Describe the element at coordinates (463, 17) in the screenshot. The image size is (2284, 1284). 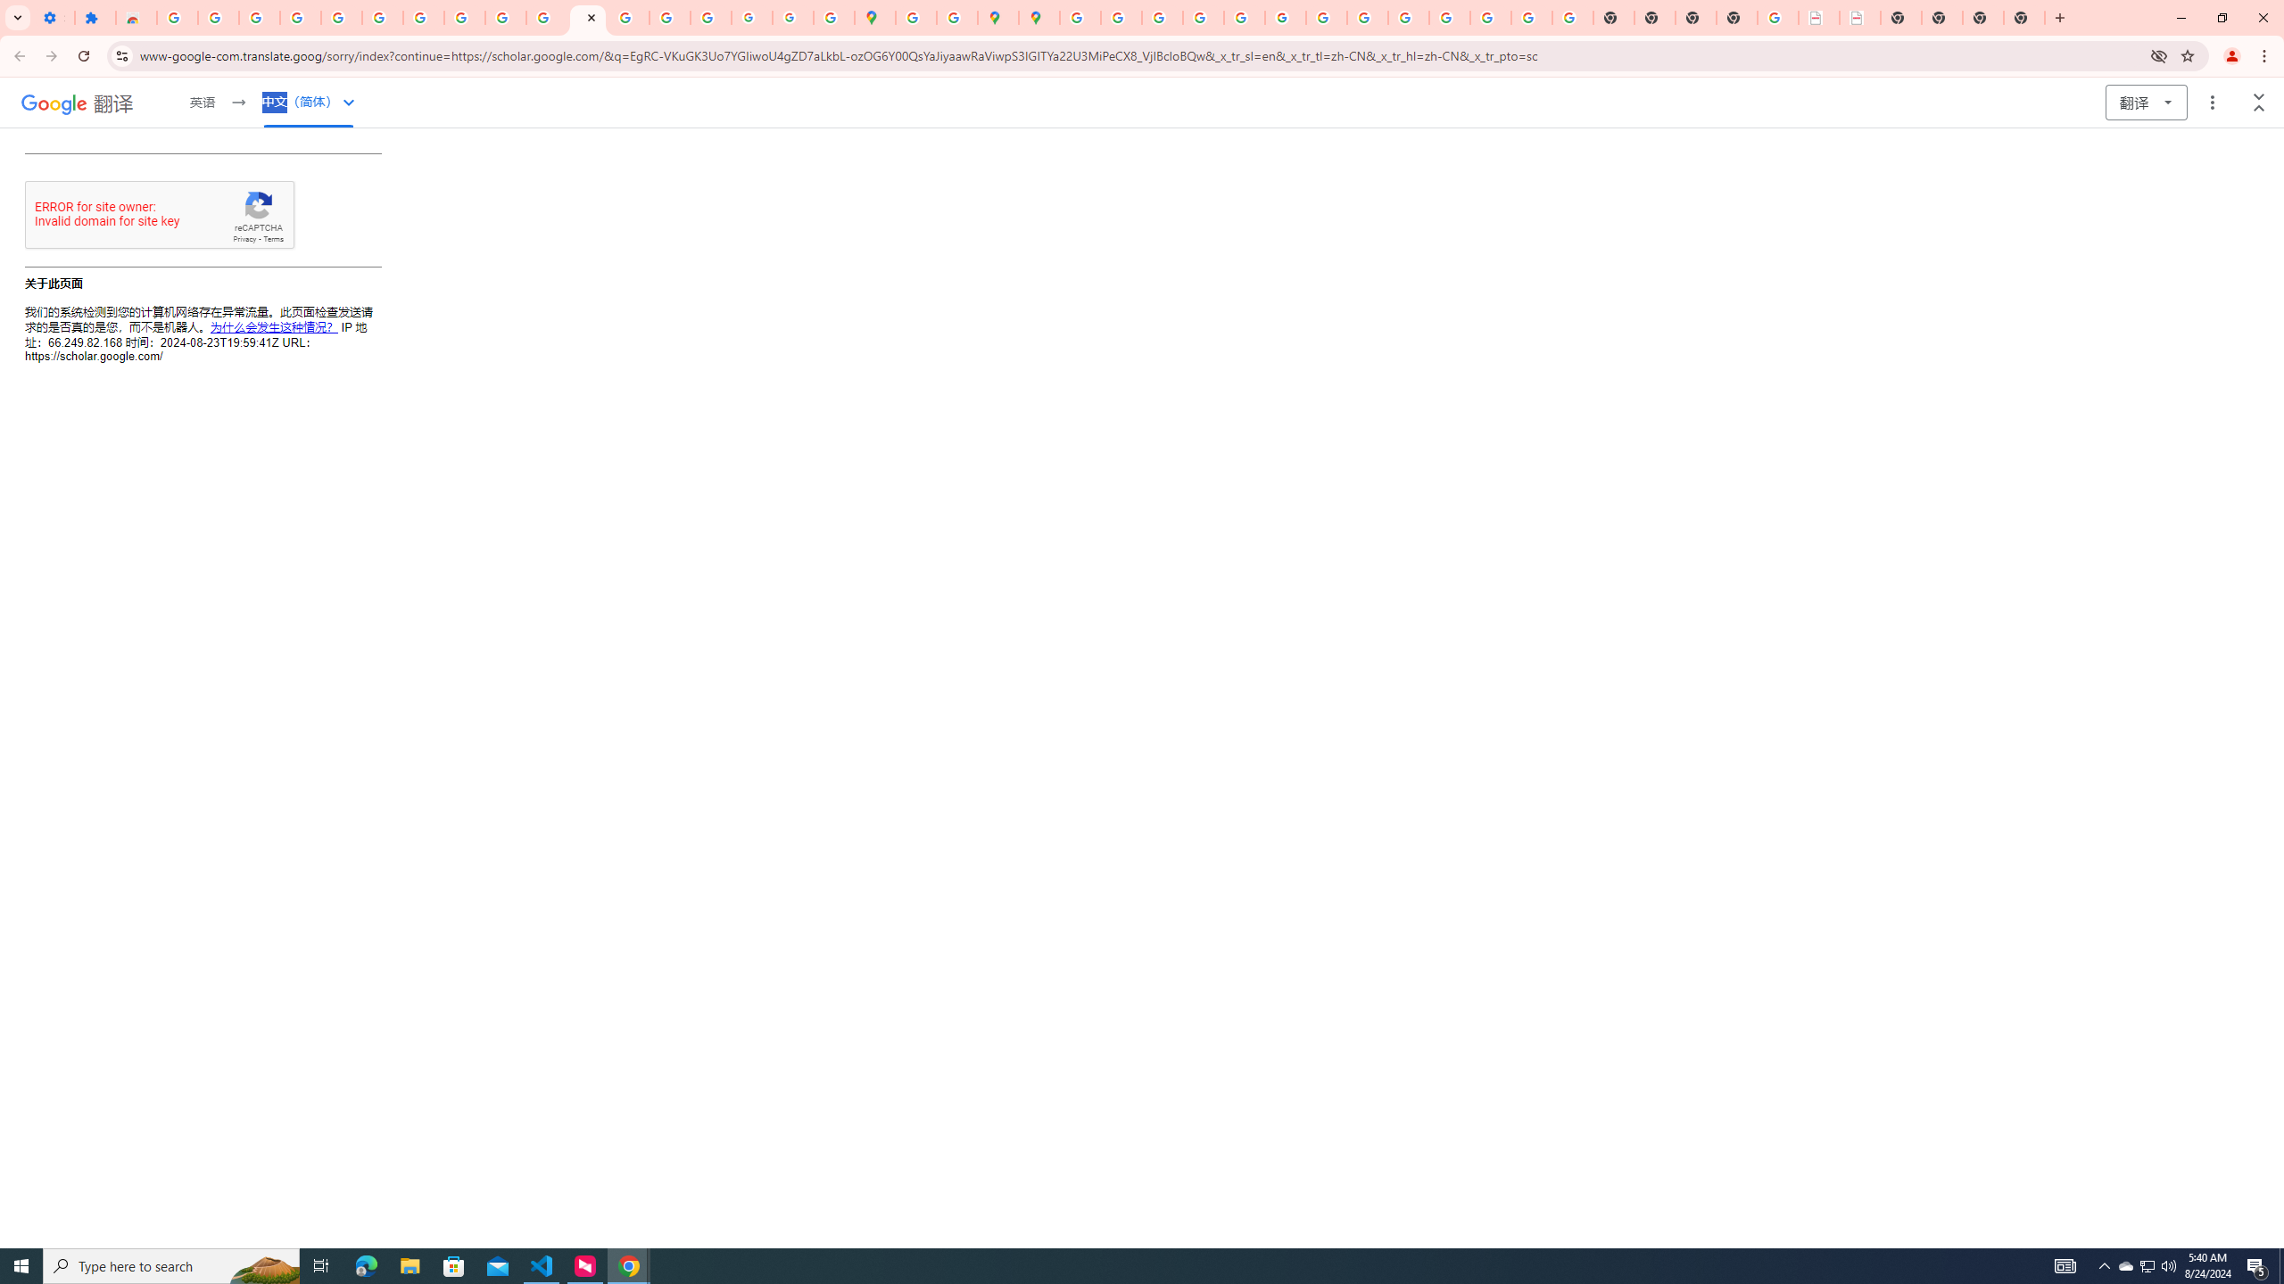
I see `'Google Account'` at that location.